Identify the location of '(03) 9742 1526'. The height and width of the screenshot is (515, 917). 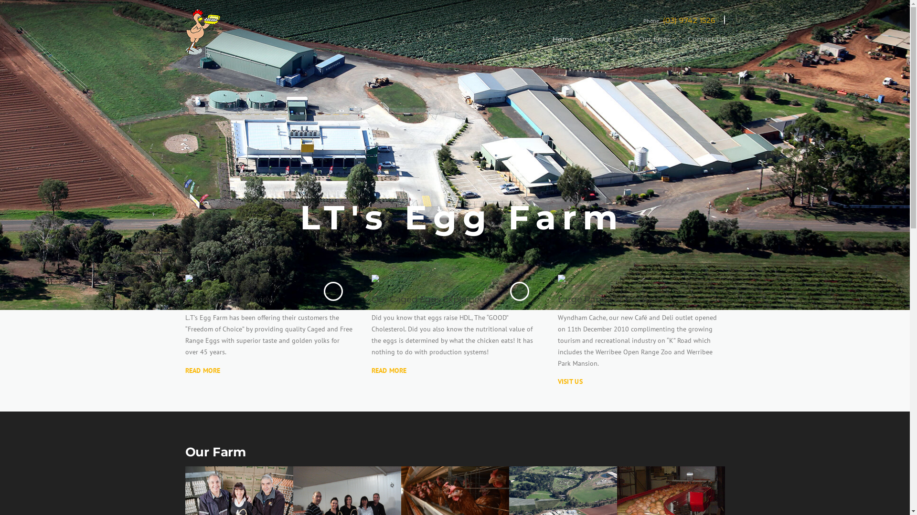
(689, 20).